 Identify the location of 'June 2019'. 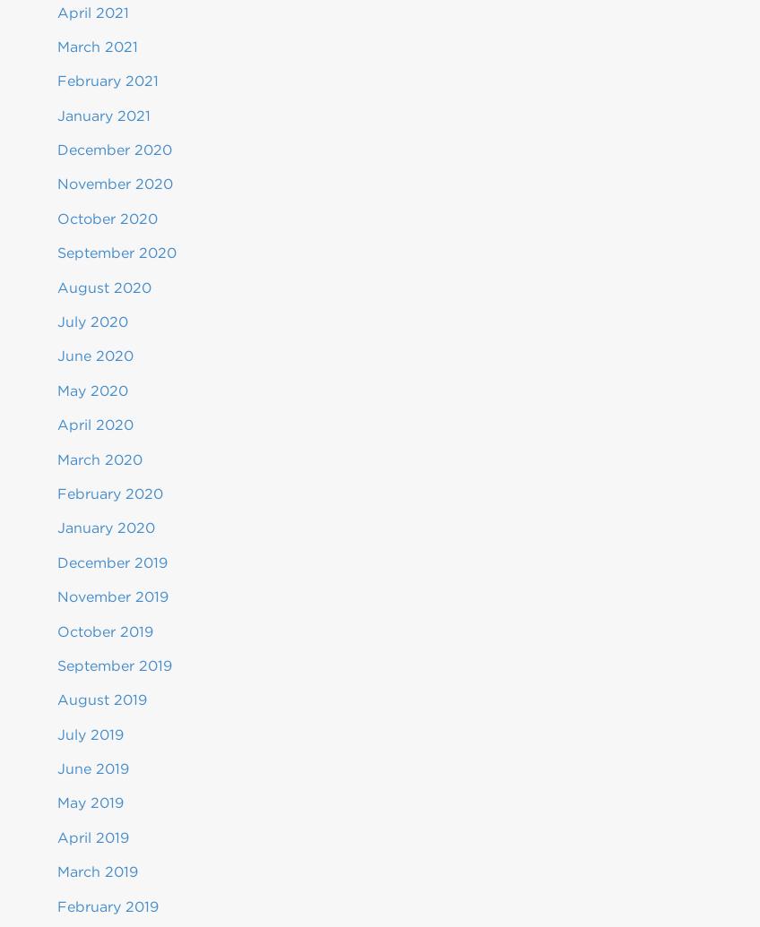
(92, 768).